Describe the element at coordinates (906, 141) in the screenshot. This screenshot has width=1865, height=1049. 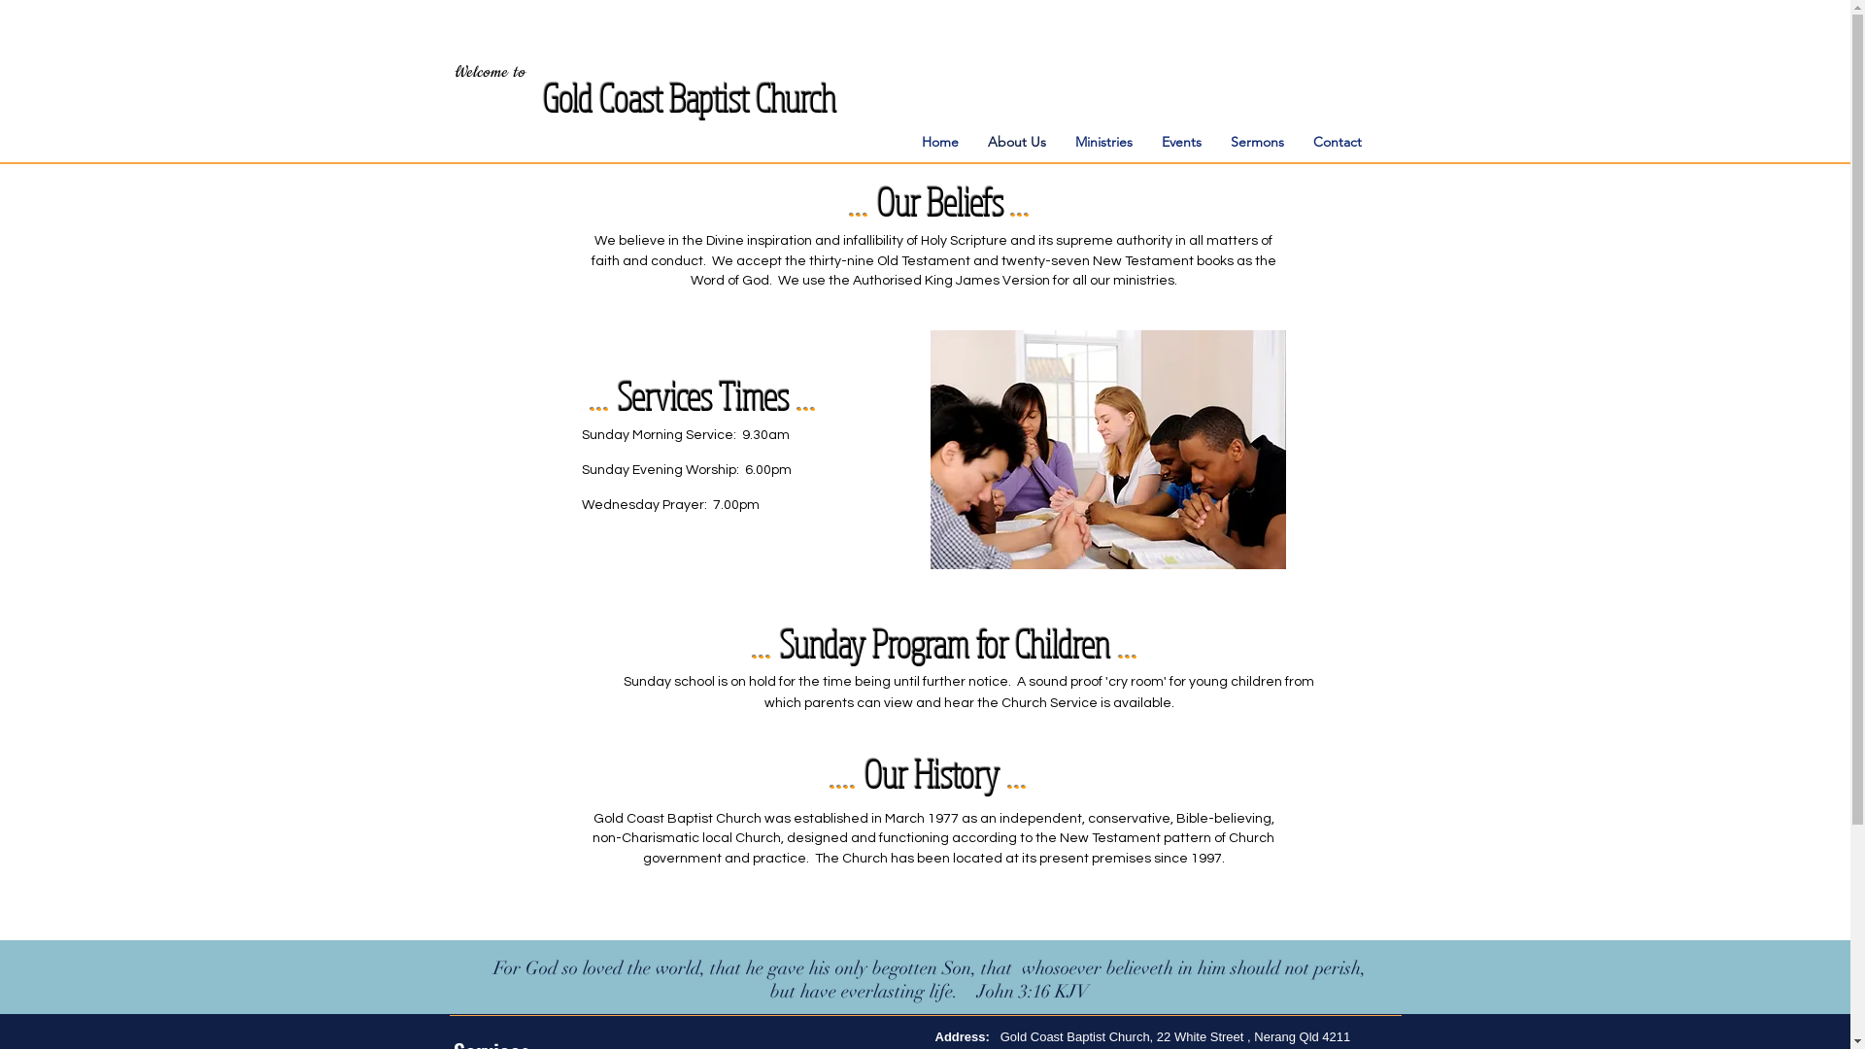
I see `'Home'` at that location.